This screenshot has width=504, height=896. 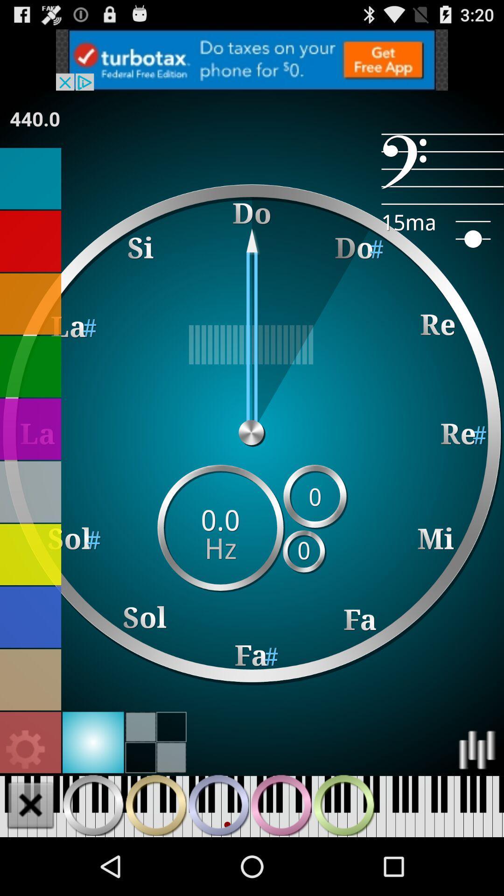 What do you see at coordinates (155, 805) in the screenshot?
I see `click piyano button` at bounding box center [155, 805].